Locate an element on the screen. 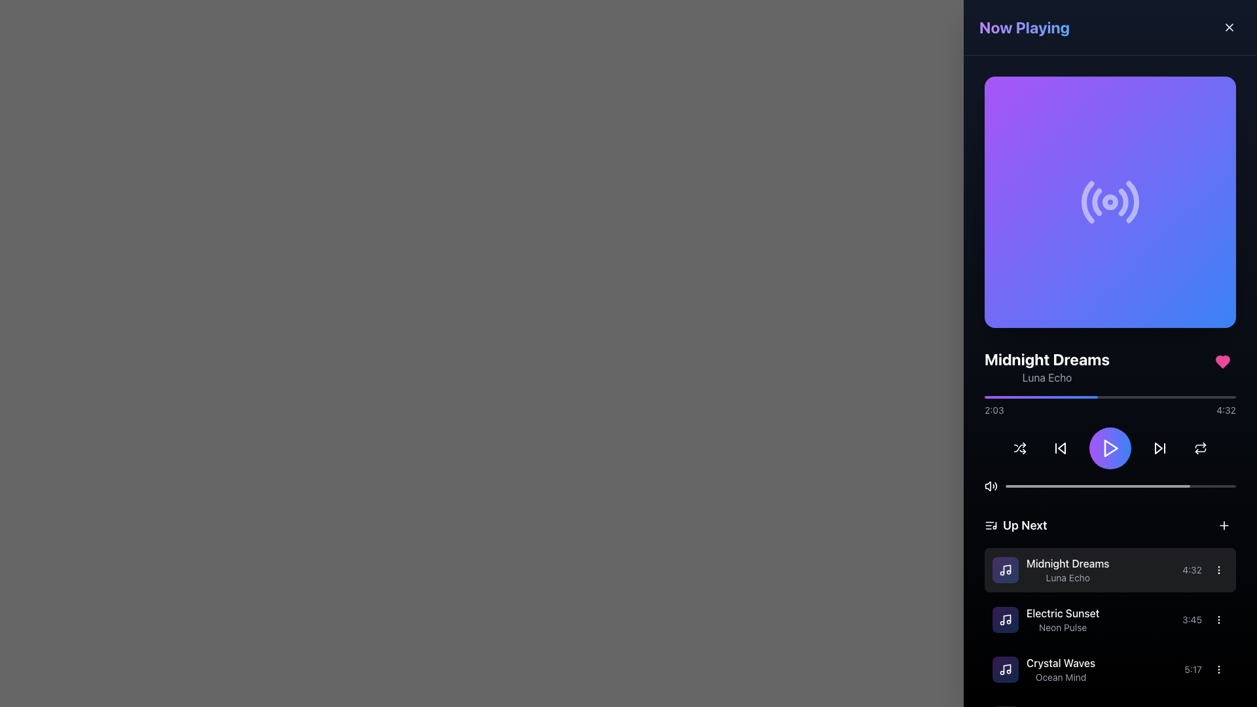 The image size is (1257, 707). the track item 'Crystal Waves' by 'Ocean Mind' in the 'Up Next' section of the 'Now Playing' panel is located at coordinates (1043, 669).